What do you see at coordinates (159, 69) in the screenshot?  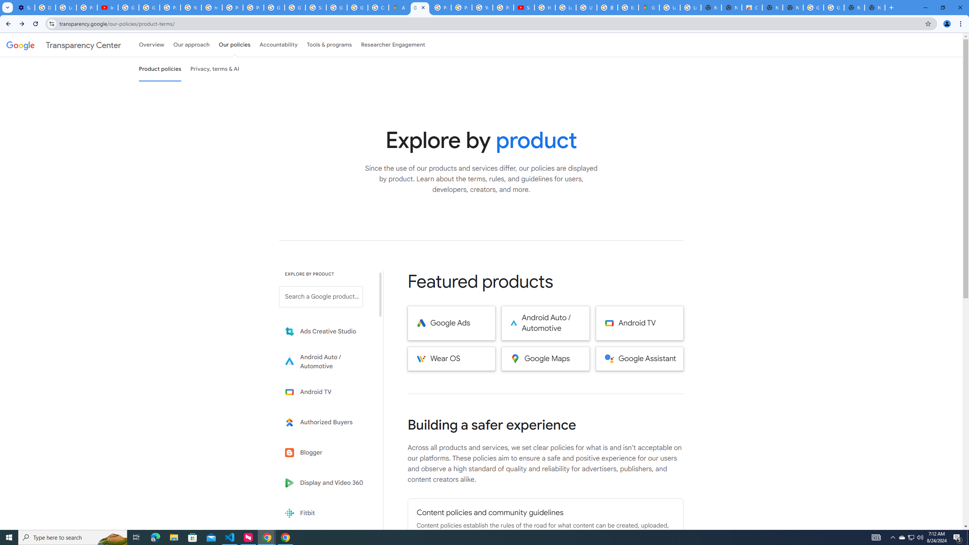 I see `'Product policies'` at bounding box center [159, 69].